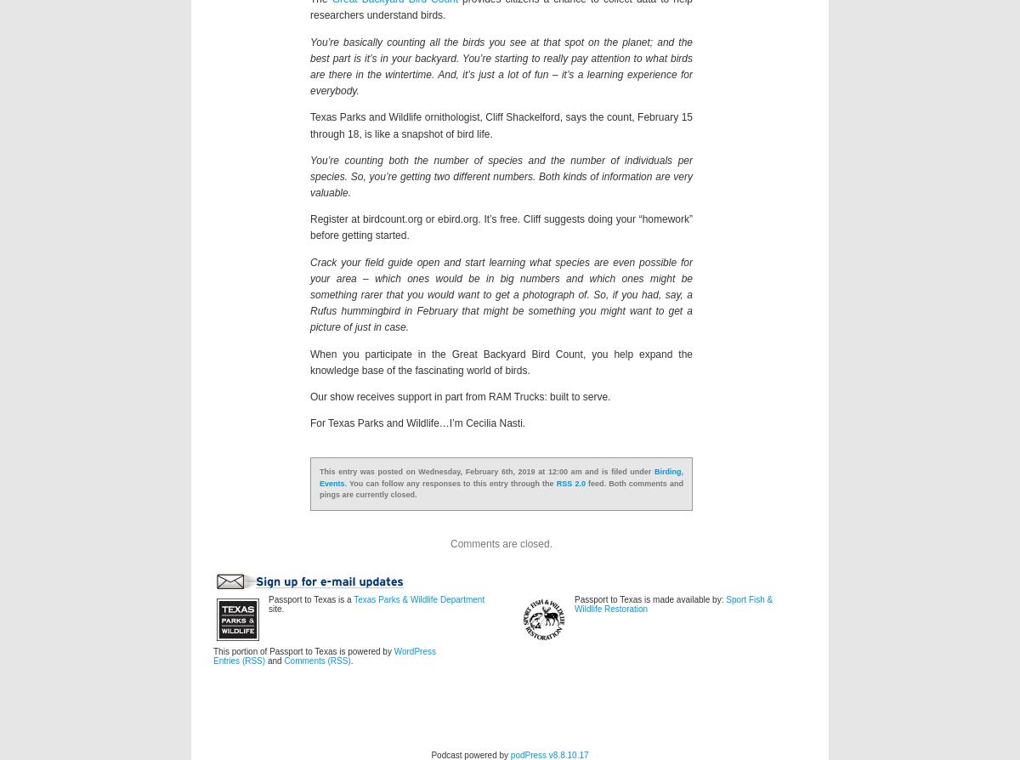  What do you see at coordinates (666, 471) in the screenshot?
I see `'Birding'` at bounding box center [666, 471].